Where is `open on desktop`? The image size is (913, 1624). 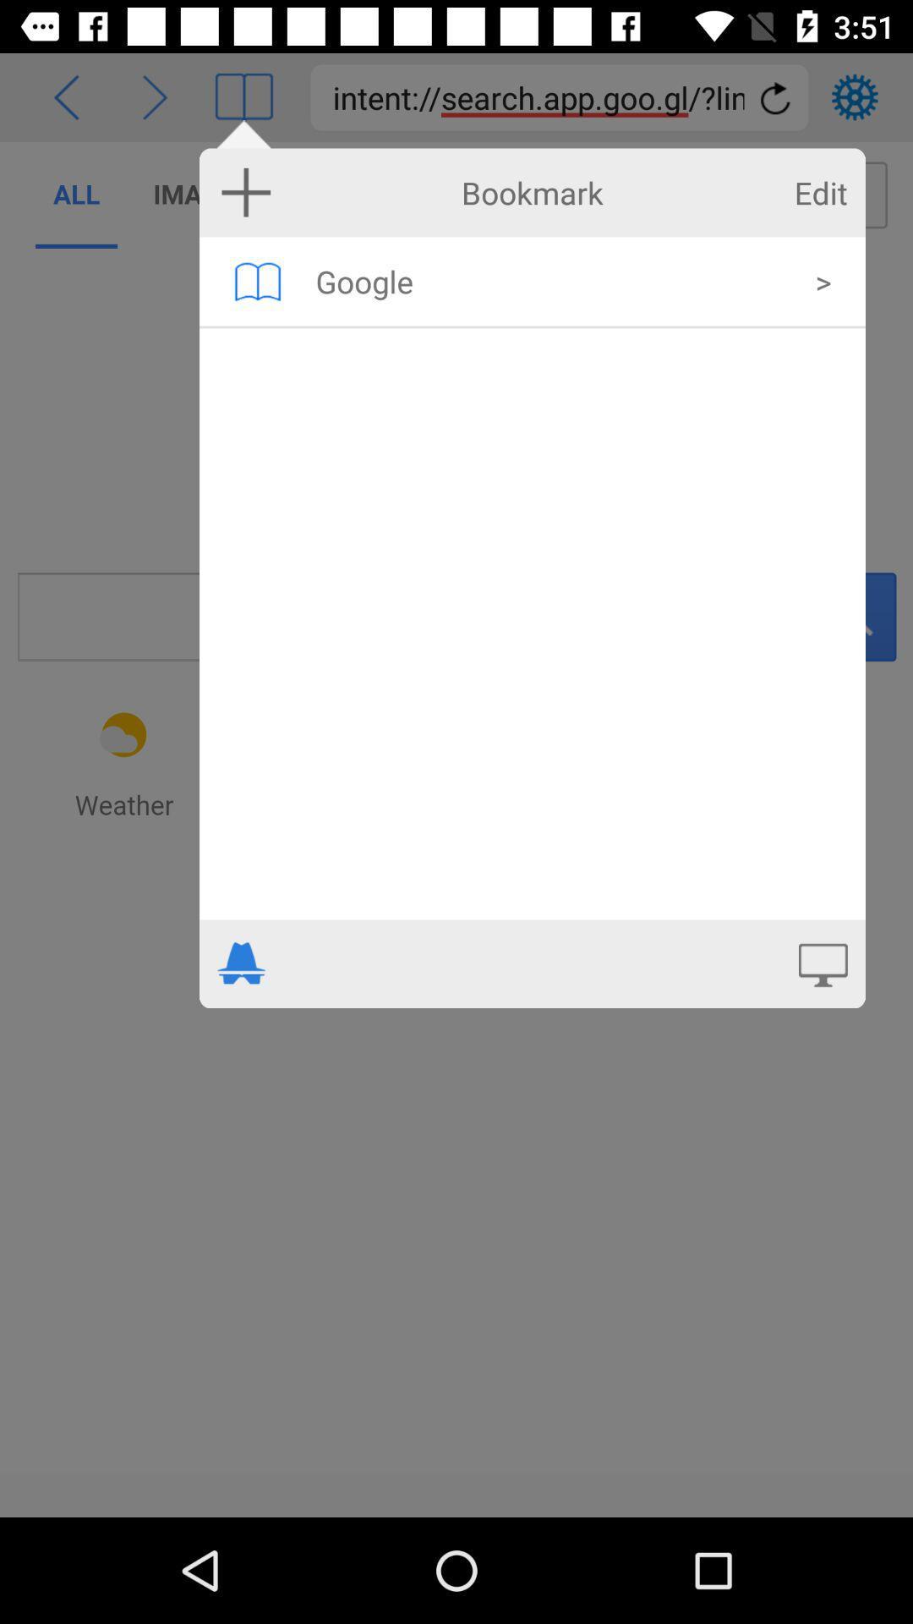
open on desktop is located at coordinates (822, 963).